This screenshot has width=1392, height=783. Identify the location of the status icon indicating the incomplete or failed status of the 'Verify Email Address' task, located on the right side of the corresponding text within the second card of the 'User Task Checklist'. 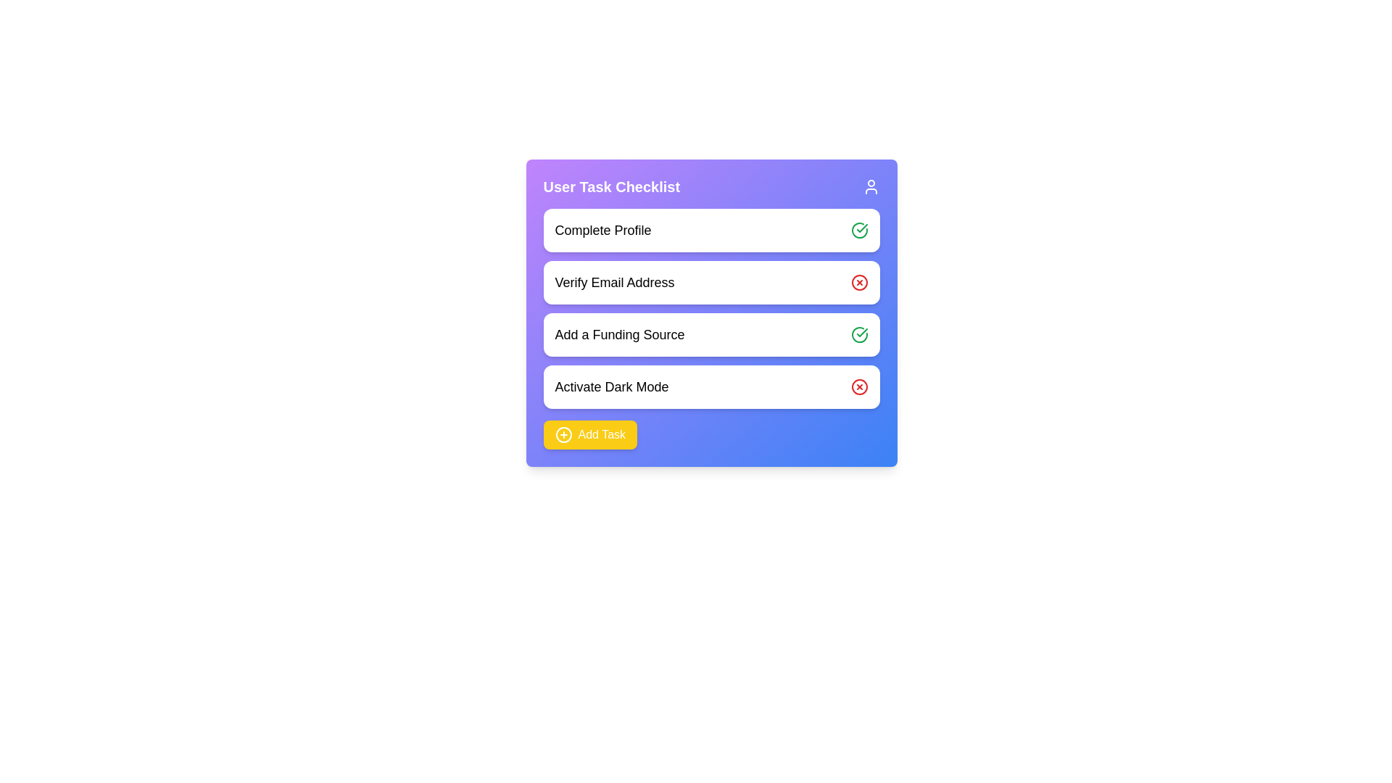
(859, 282).